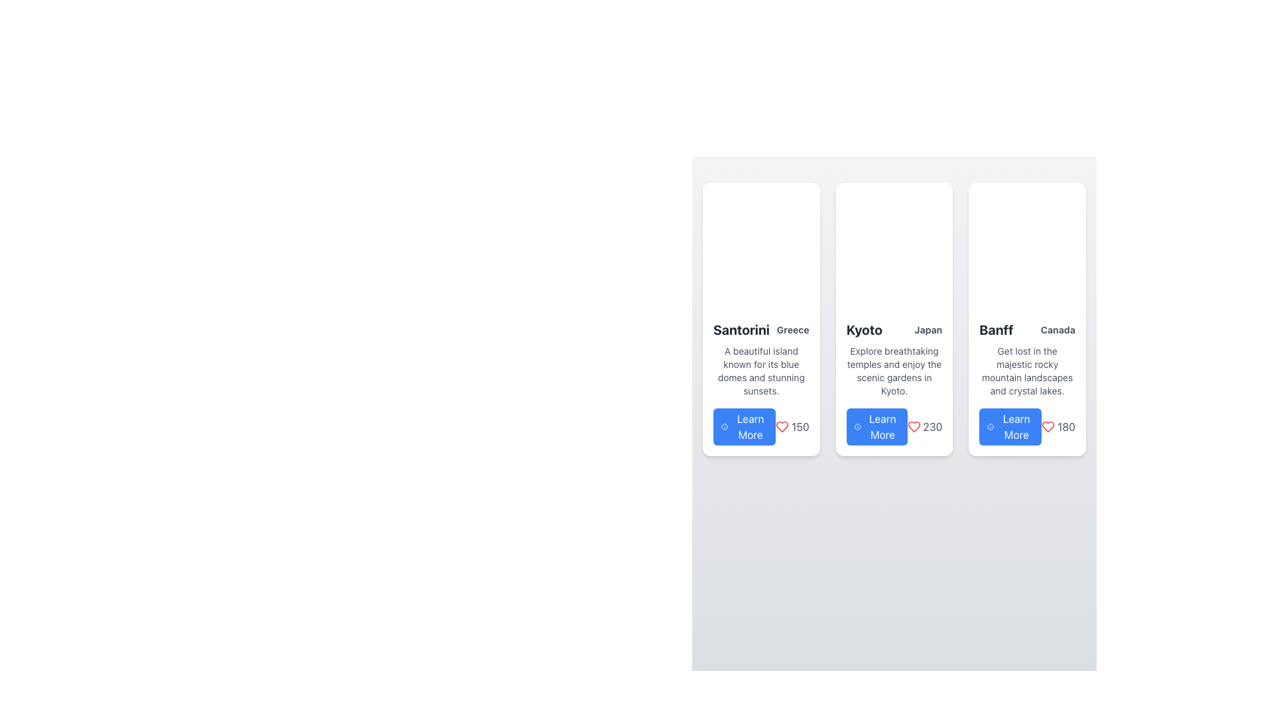 This screenshot has height=716, width=1273. What do you see at coordinates (894, 383) in the screenshot?
I see `the 'Learn More' button in the Kyoto card to trigger hover effects` at bounding box center [894, 383].